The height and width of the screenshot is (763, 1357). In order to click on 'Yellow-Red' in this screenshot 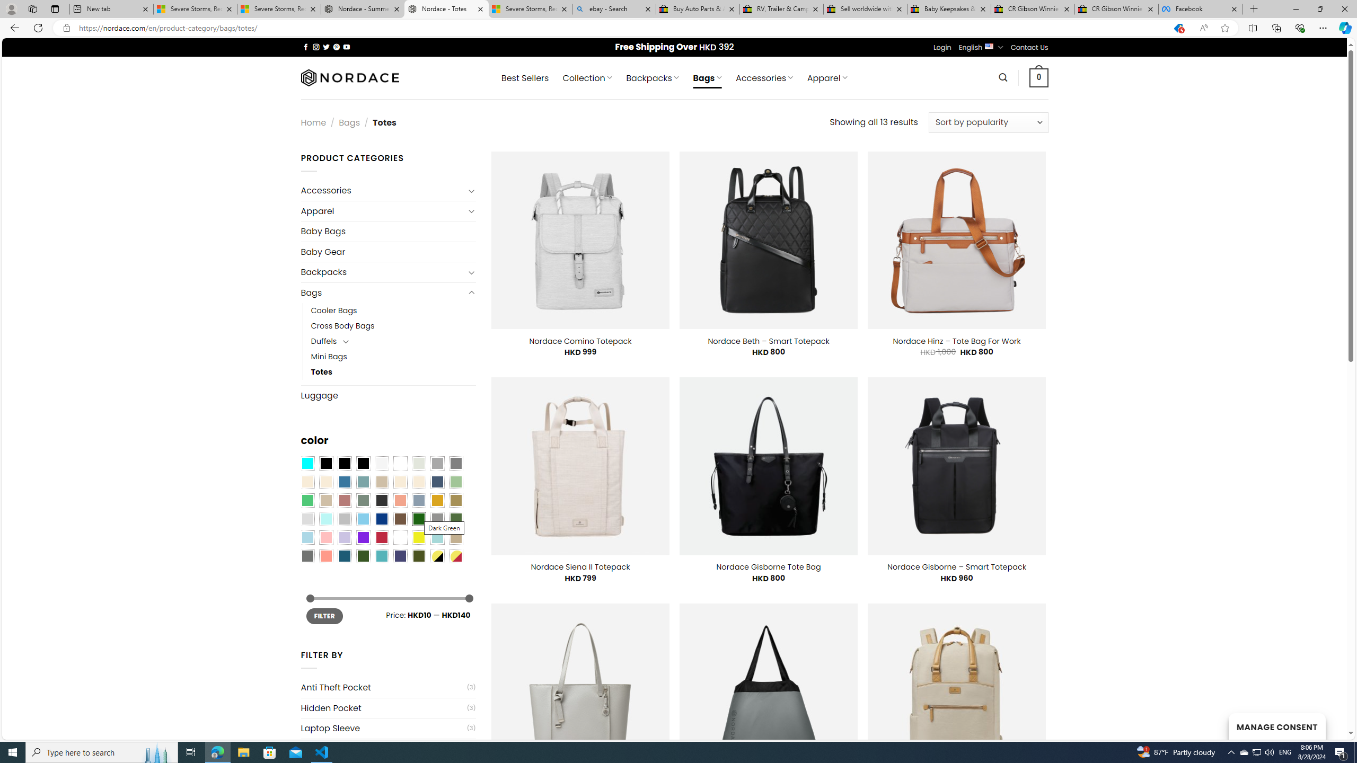, I will do `click(456, 556)`.